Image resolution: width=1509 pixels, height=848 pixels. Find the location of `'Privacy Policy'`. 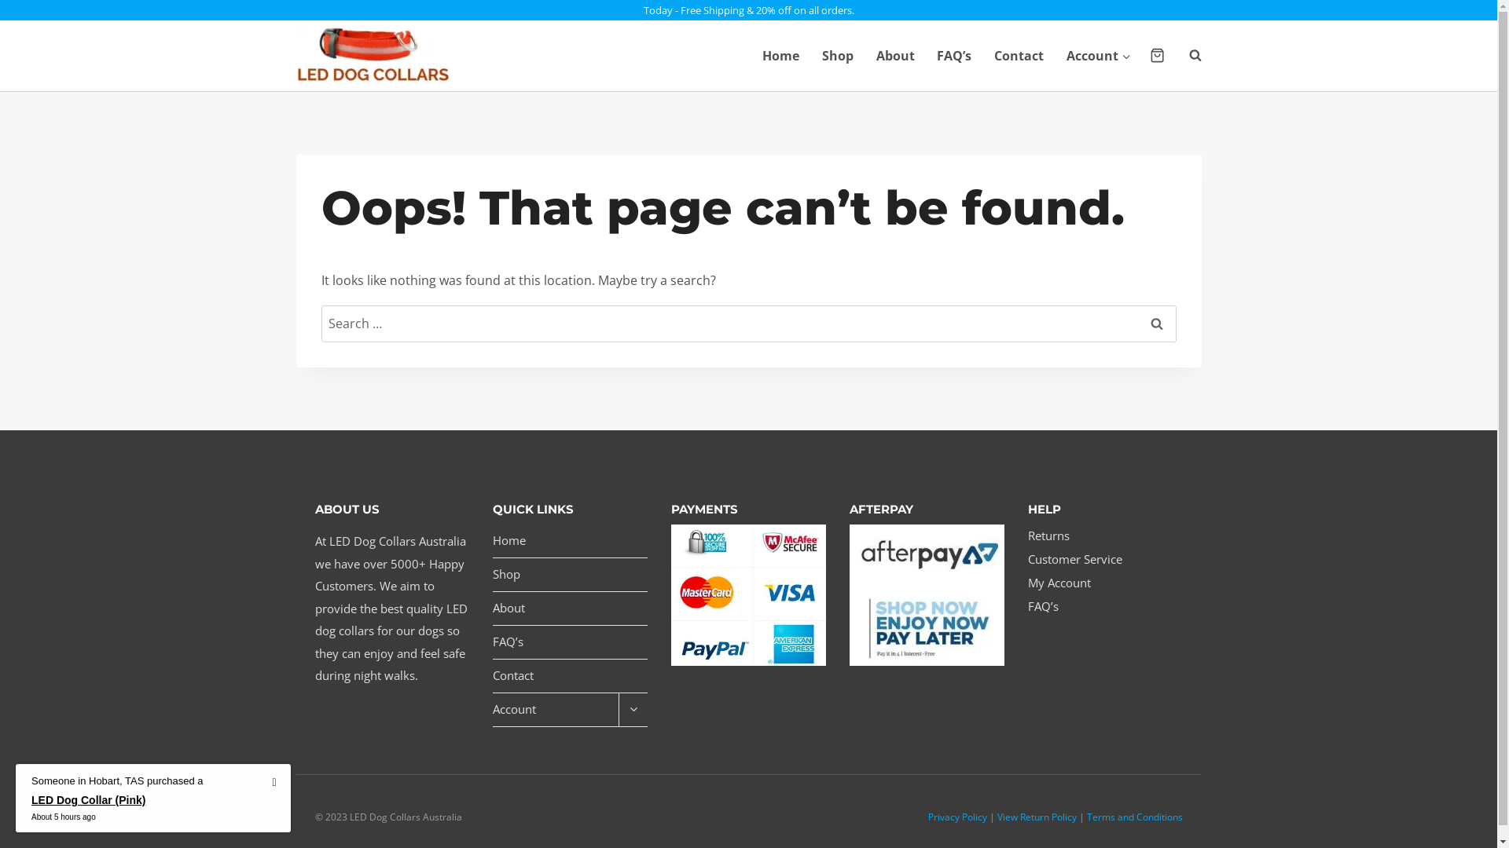

'Privacy Policy' is located at coordinates (956, 816).